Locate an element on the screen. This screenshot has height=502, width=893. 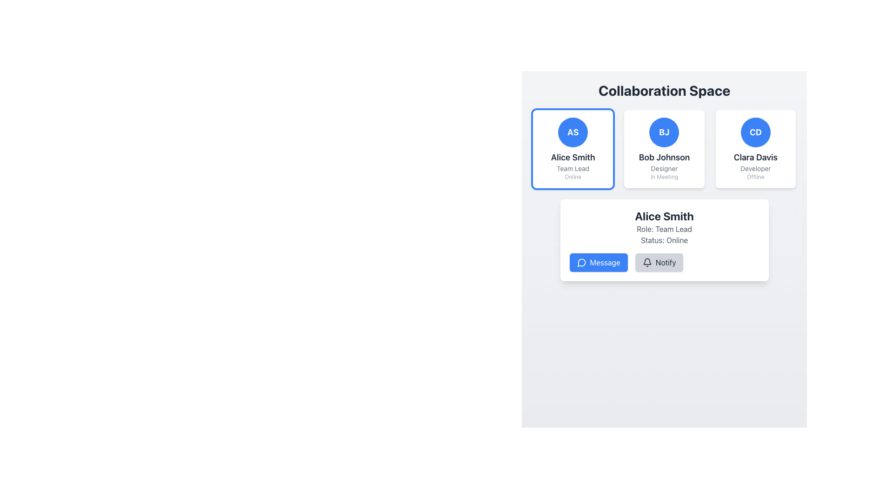
the Profile Icon, which is a circular badge with a blue background and the text 'AS' in bold uppercase letters, located at the top of the user information card is located at coordinates (573, 132).